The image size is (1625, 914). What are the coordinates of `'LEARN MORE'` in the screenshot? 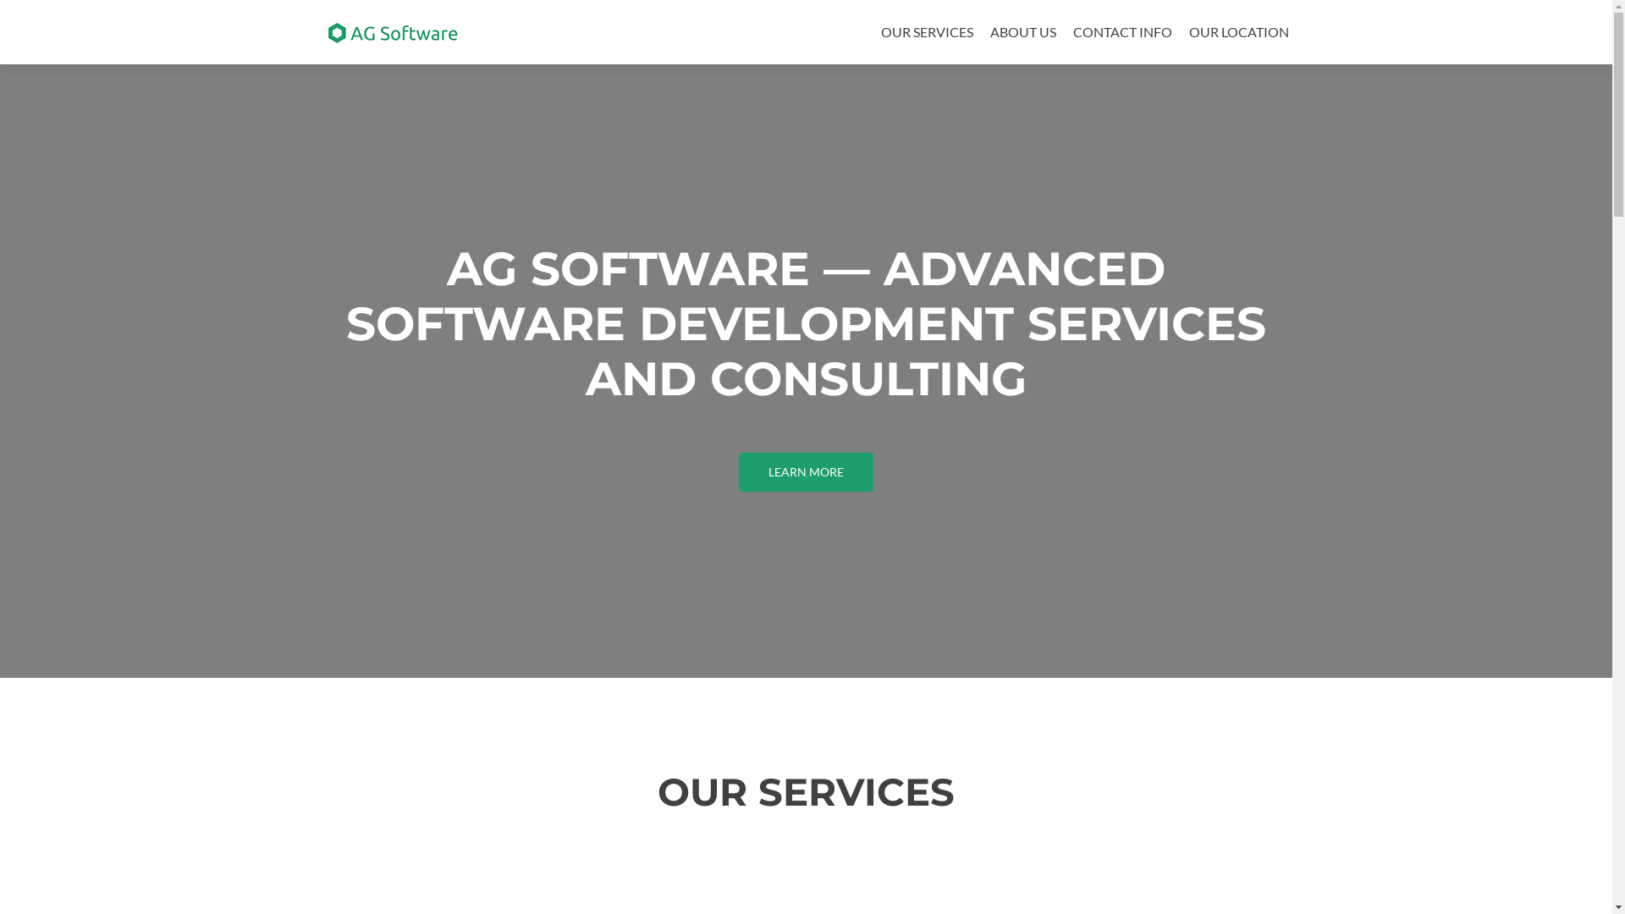 It's located at (739, 472).